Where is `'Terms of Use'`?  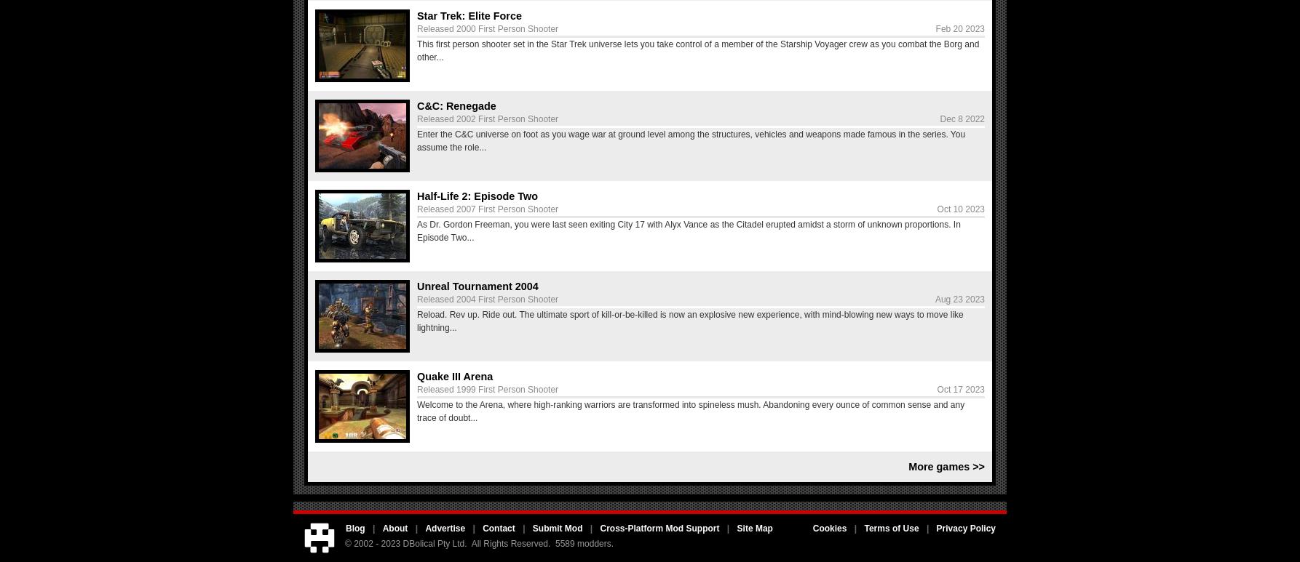 'Terms of Use' is located at coordinates (891, 529).